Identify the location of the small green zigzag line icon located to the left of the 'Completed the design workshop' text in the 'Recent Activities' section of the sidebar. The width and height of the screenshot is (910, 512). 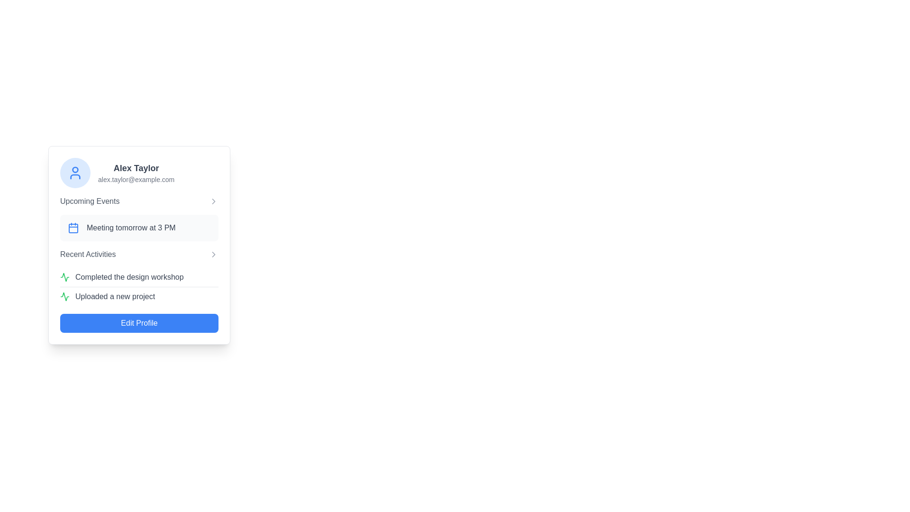
(64, 277).